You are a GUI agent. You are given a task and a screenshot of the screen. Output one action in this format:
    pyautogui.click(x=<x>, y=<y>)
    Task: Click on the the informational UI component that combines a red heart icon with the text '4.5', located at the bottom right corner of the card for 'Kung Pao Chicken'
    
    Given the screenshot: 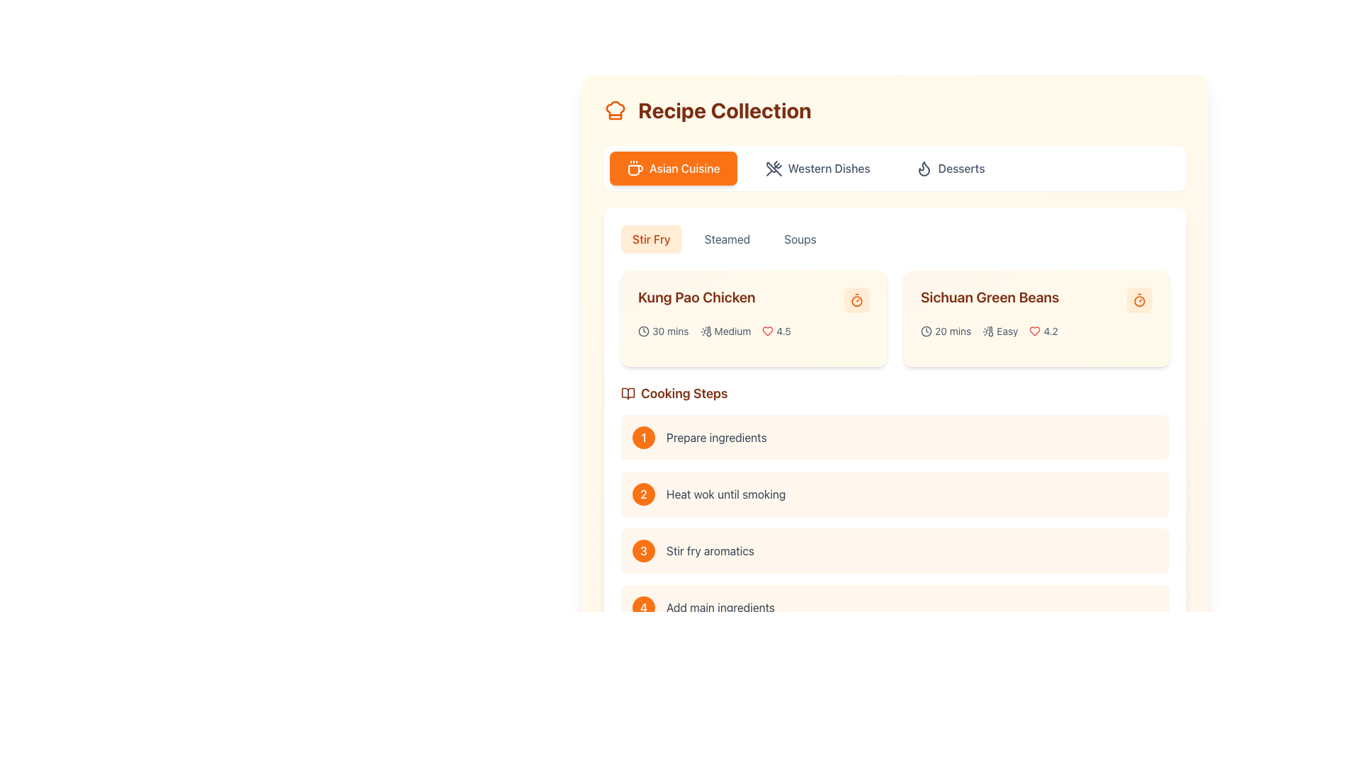 What is the action you would take?
    pyautogui.click(x=776, y=331)
    